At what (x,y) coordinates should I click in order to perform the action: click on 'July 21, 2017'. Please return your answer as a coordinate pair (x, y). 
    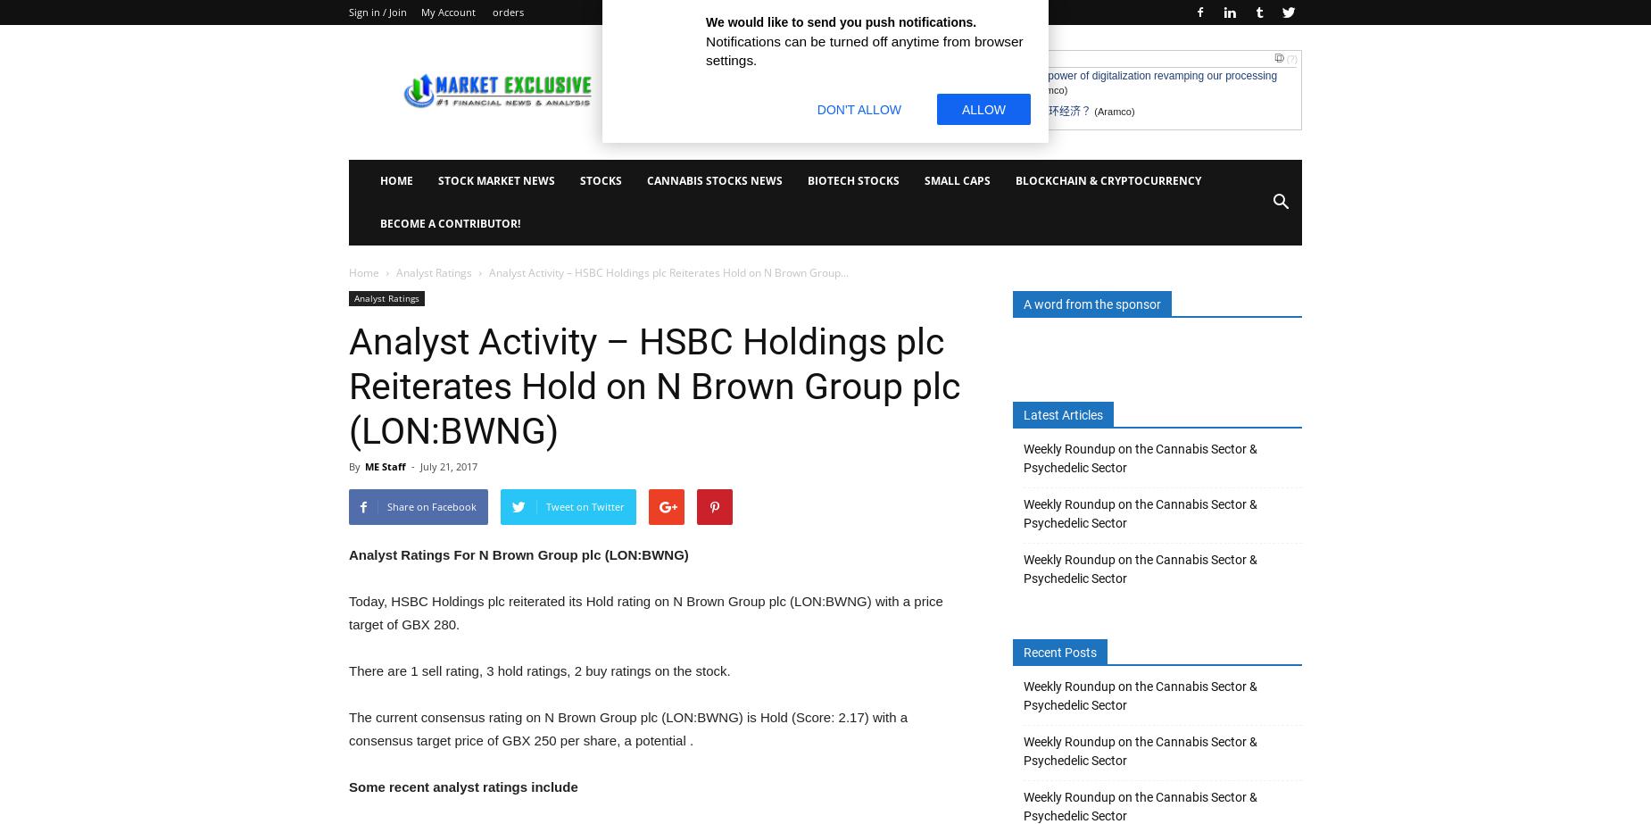
    Looking at the image, I should click on (449, 465).